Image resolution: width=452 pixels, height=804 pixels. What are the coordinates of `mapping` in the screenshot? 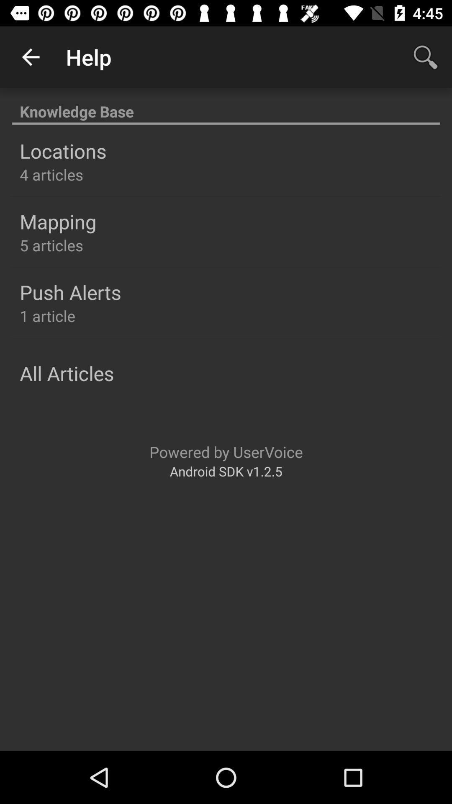 It's located at (57, 222).